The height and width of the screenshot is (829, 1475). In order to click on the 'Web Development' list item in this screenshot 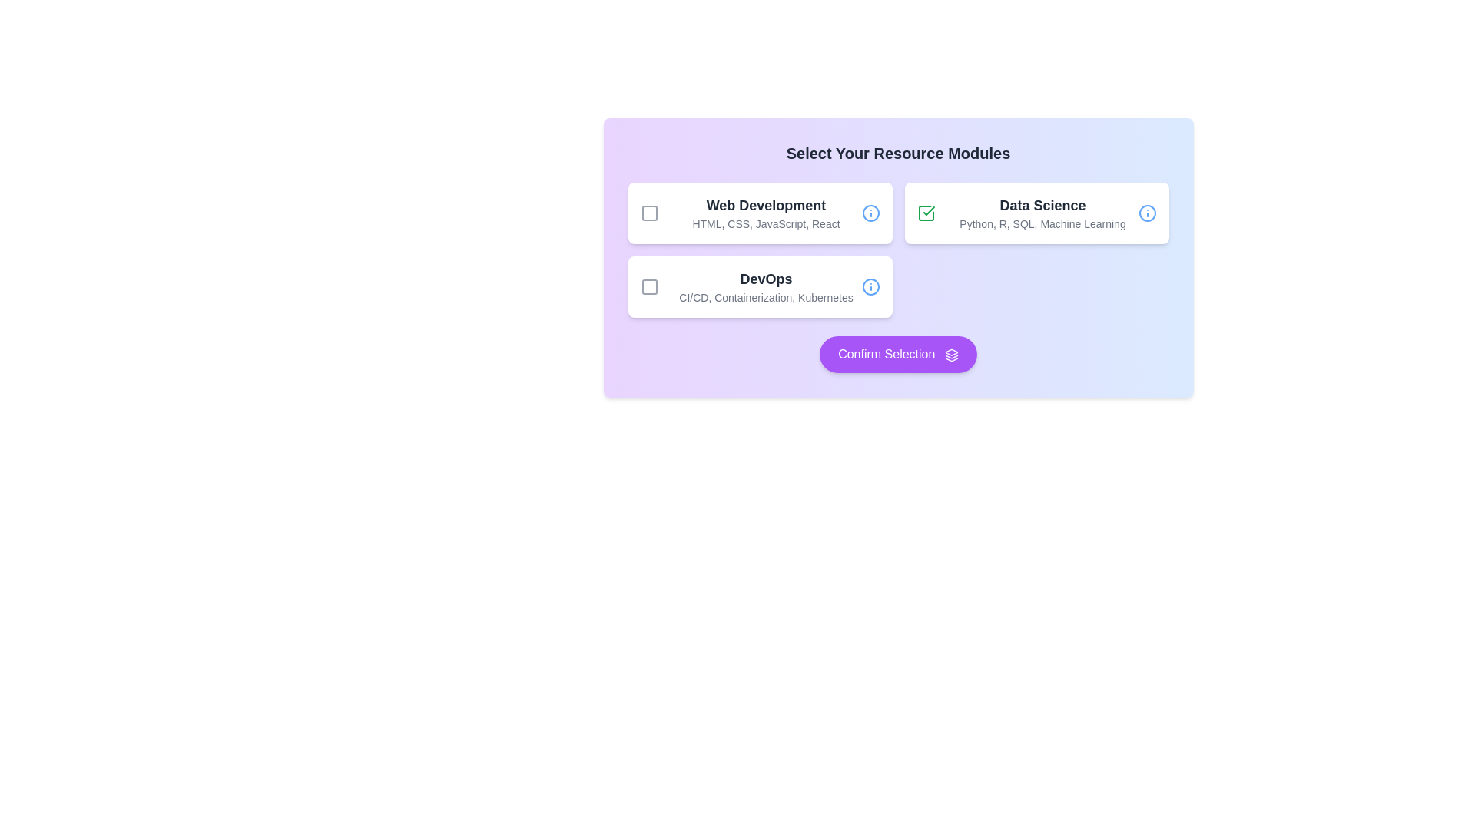, I will do `click(760, 213)`.